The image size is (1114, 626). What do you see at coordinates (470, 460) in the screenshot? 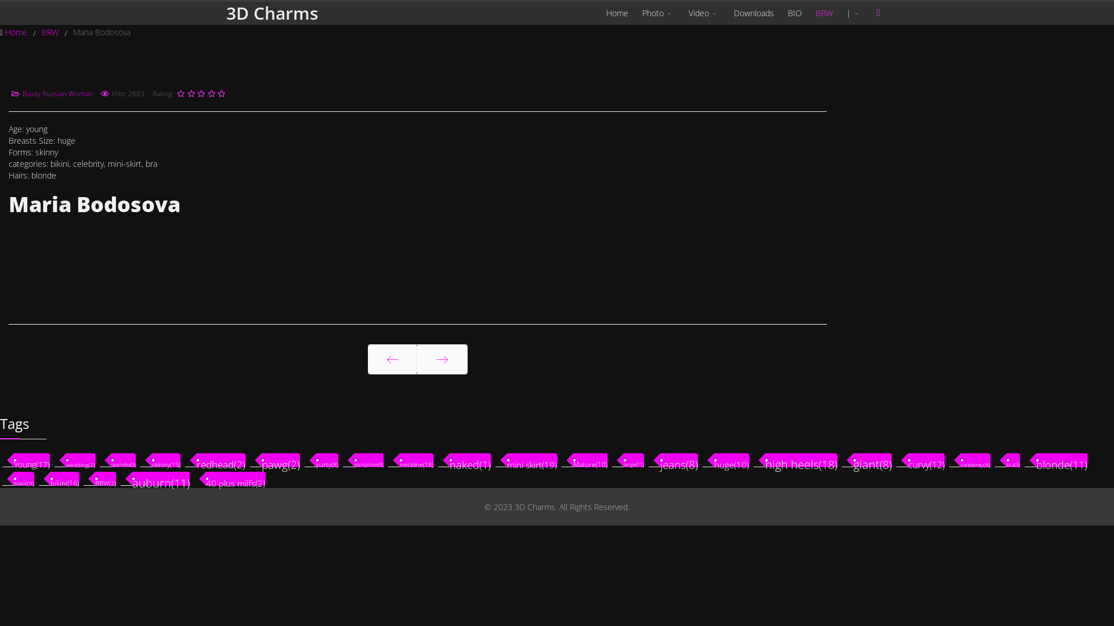
I see `'naked(1)'` at bounding box center [470, 460].